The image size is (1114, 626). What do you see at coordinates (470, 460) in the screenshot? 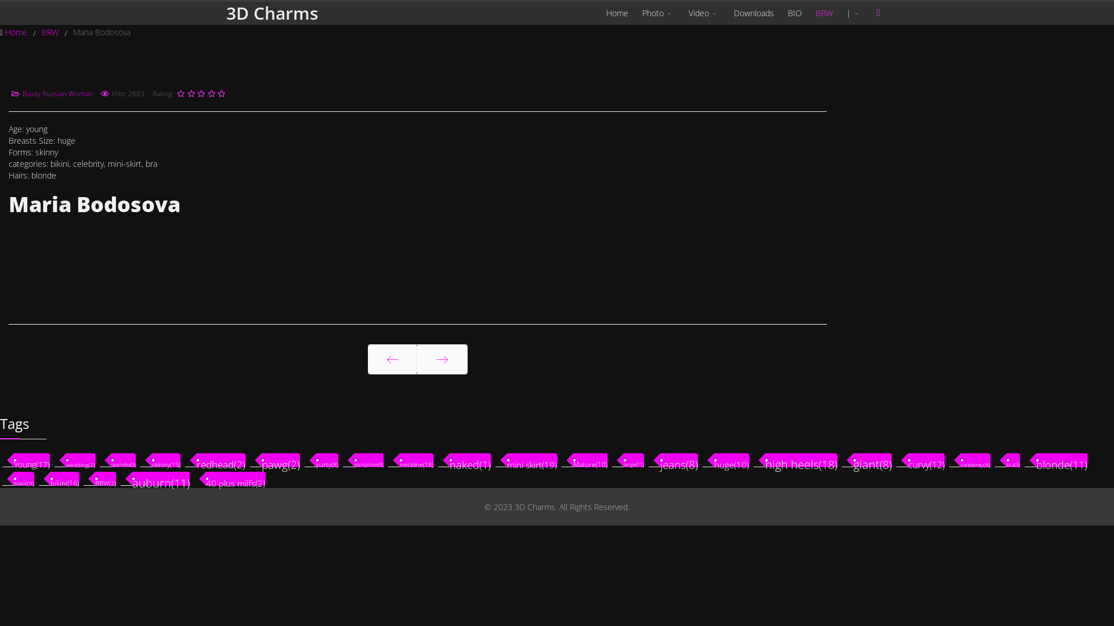
I see `'naked(1)'` at bounding box center [470, 460].